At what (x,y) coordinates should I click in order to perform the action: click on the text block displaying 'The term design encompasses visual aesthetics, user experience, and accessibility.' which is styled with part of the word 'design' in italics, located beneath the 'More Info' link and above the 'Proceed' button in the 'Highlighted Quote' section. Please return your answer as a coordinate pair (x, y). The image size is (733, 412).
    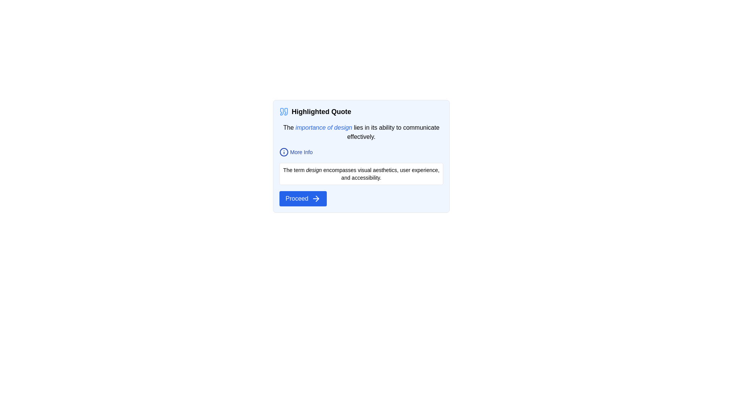
    Looking at the image, I should click on (361, 174).